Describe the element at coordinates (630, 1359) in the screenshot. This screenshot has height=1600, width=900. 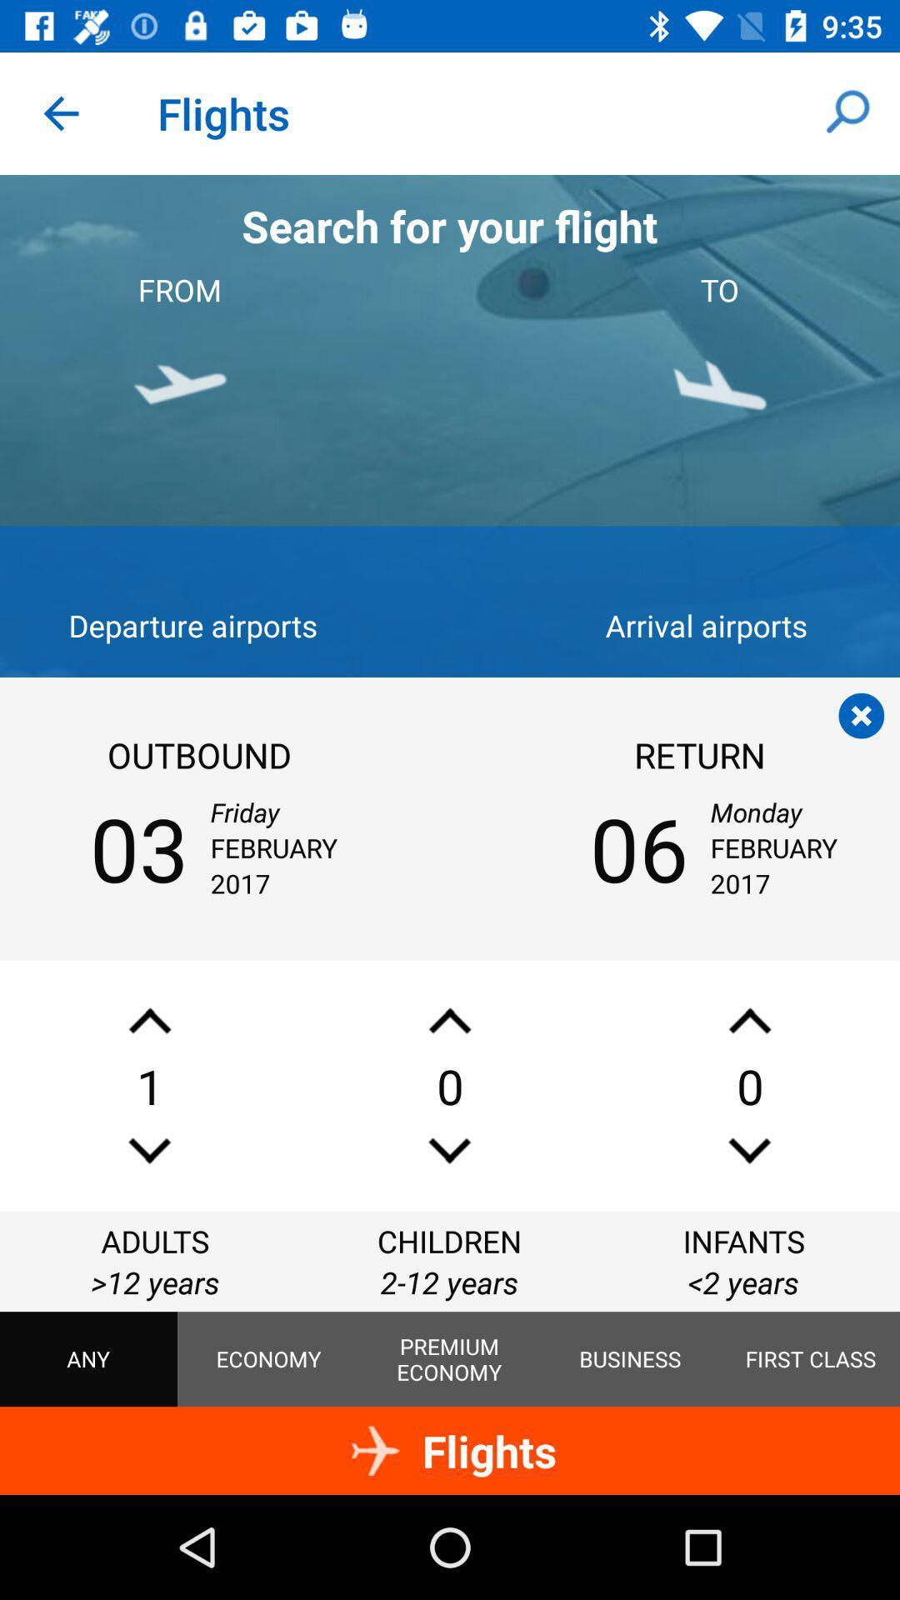
I see `the icon below 2-12 years item` at that location.